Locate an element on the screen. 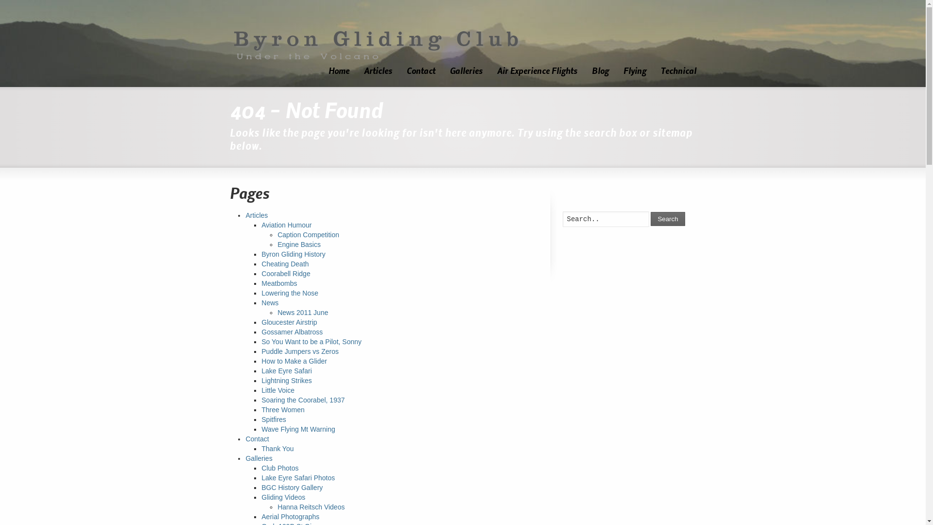  'BGC History Gallery' is located at coordinates (291, 487).